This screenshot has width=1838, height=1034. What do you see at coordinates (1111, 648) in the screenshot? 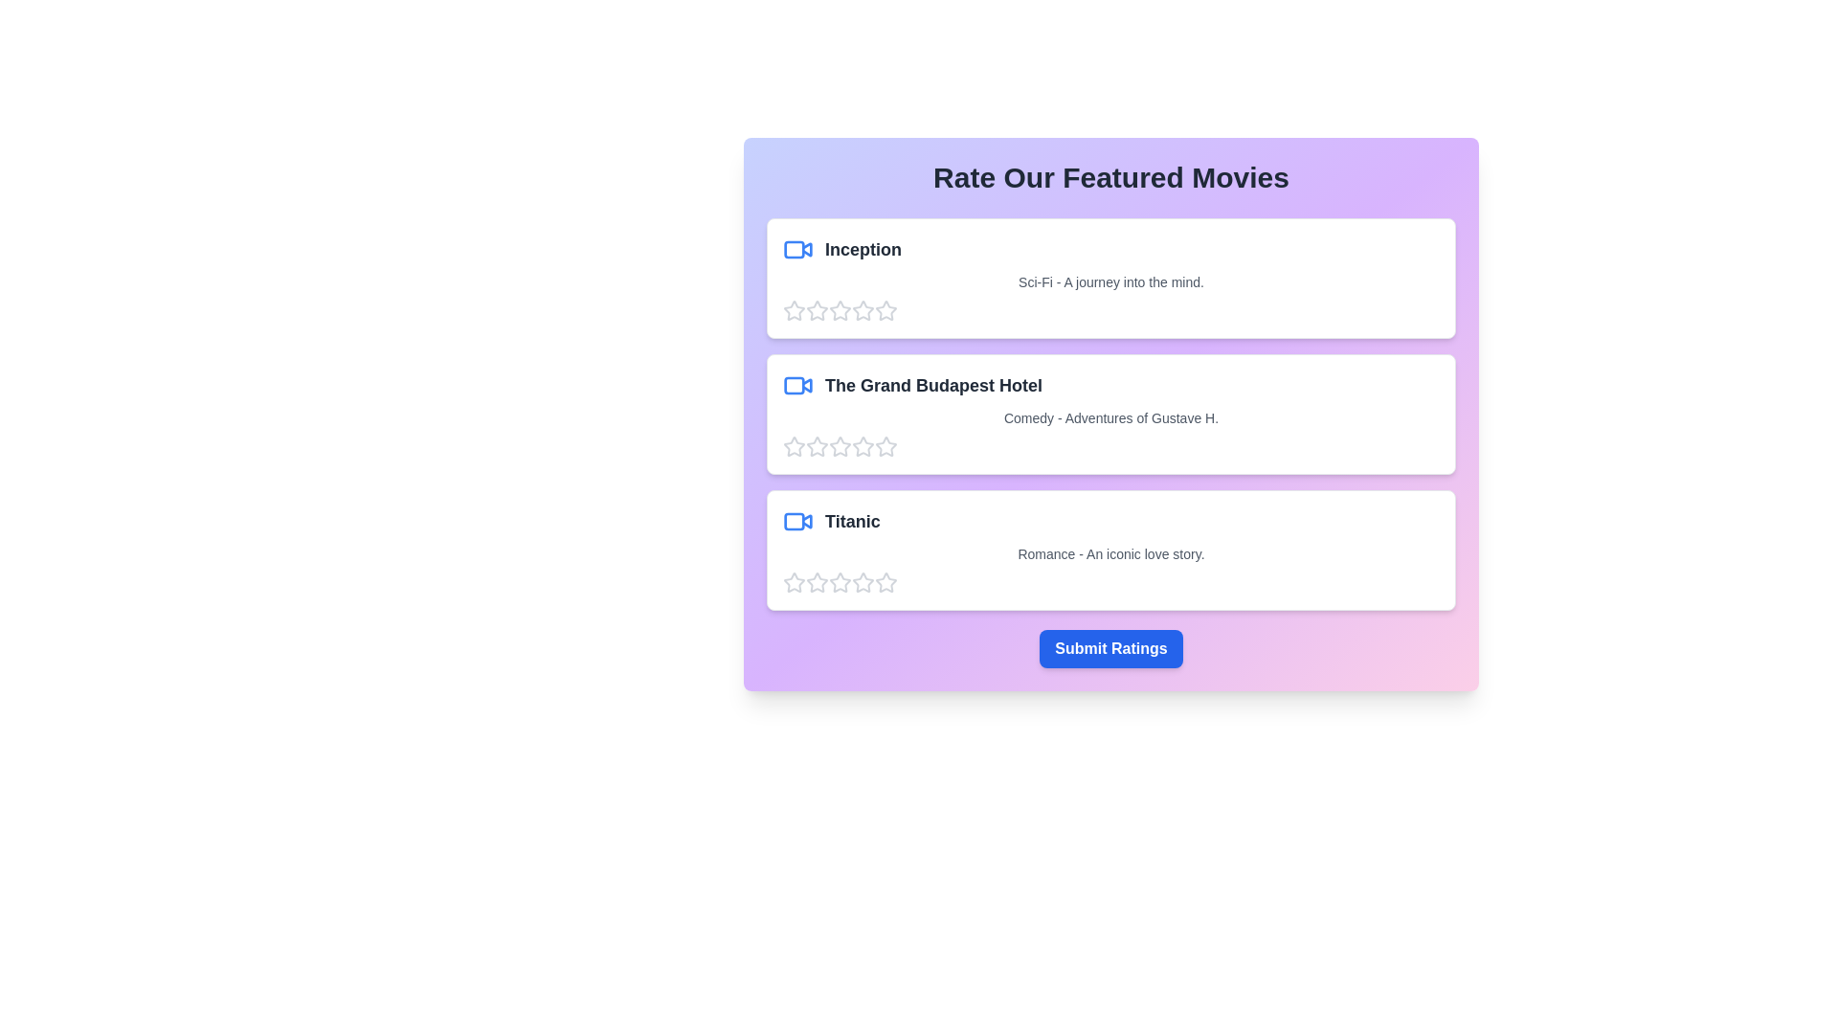
I see `'Submit Ratings' button to finalize the ratings` at bounding box center [1111, 648].